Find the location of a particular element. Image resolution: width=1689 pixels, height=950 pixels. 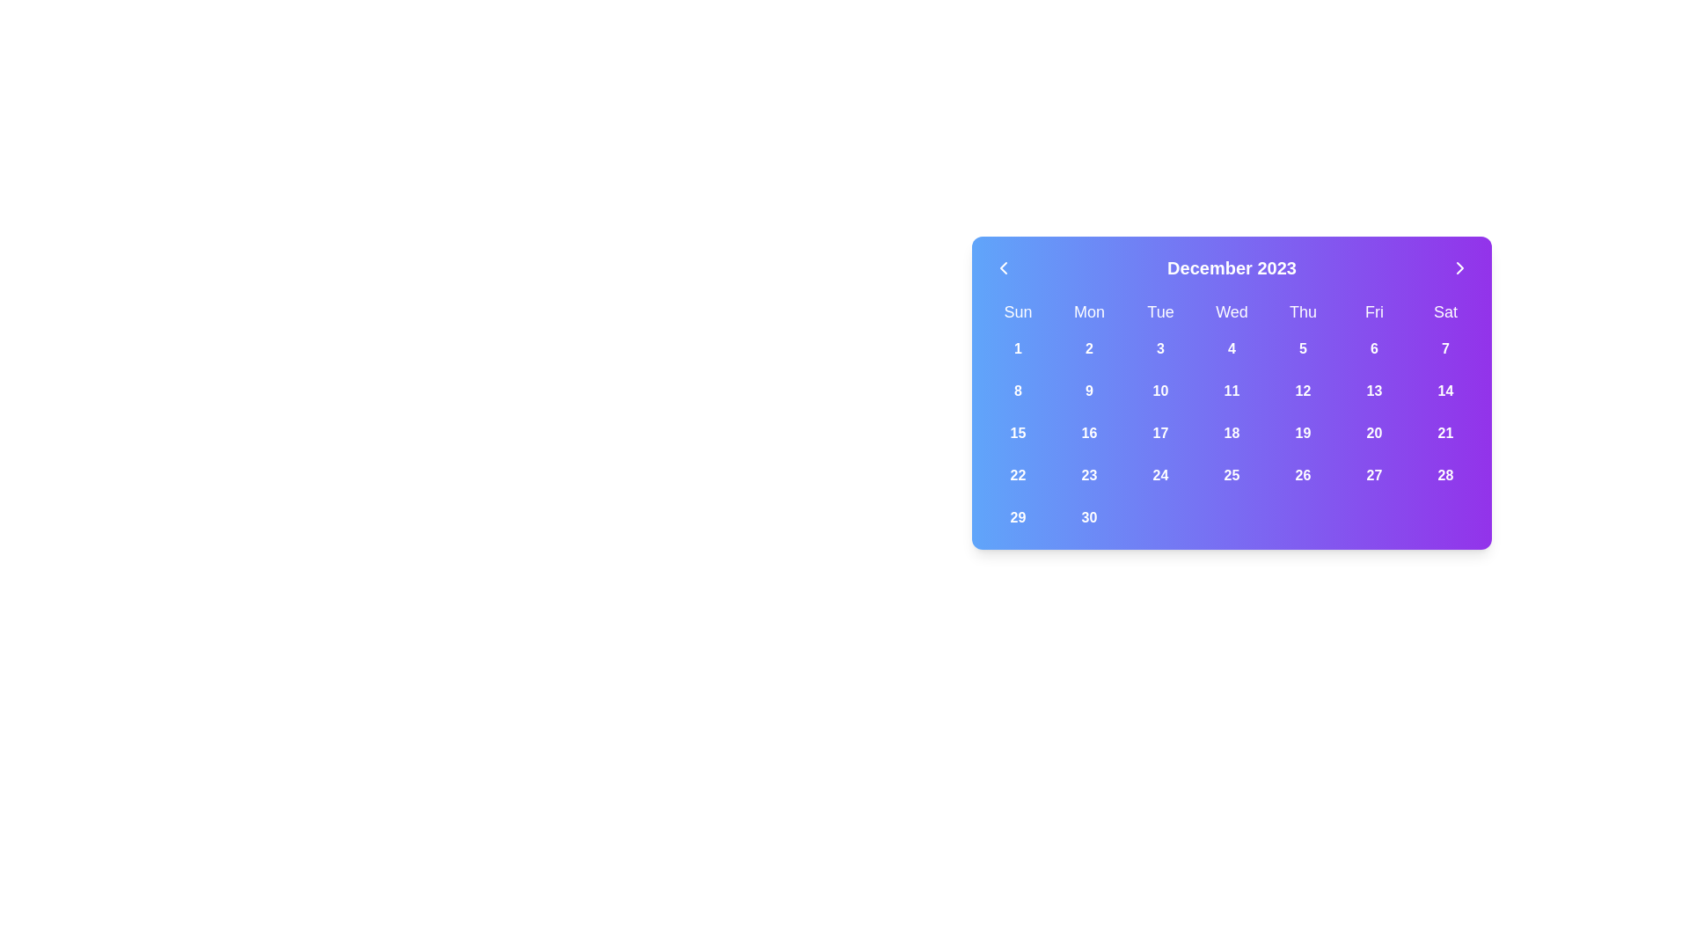

the button for selecting the date '5' in the calendar interface located beneath 'Thu' is located at coordinates (1303, 349).